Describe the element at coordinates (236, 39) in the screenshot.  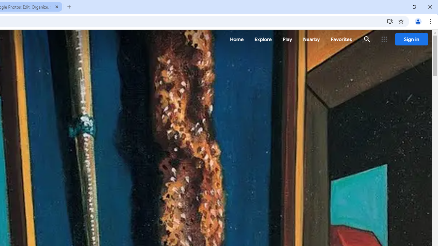
I see `'Home'` at that location.